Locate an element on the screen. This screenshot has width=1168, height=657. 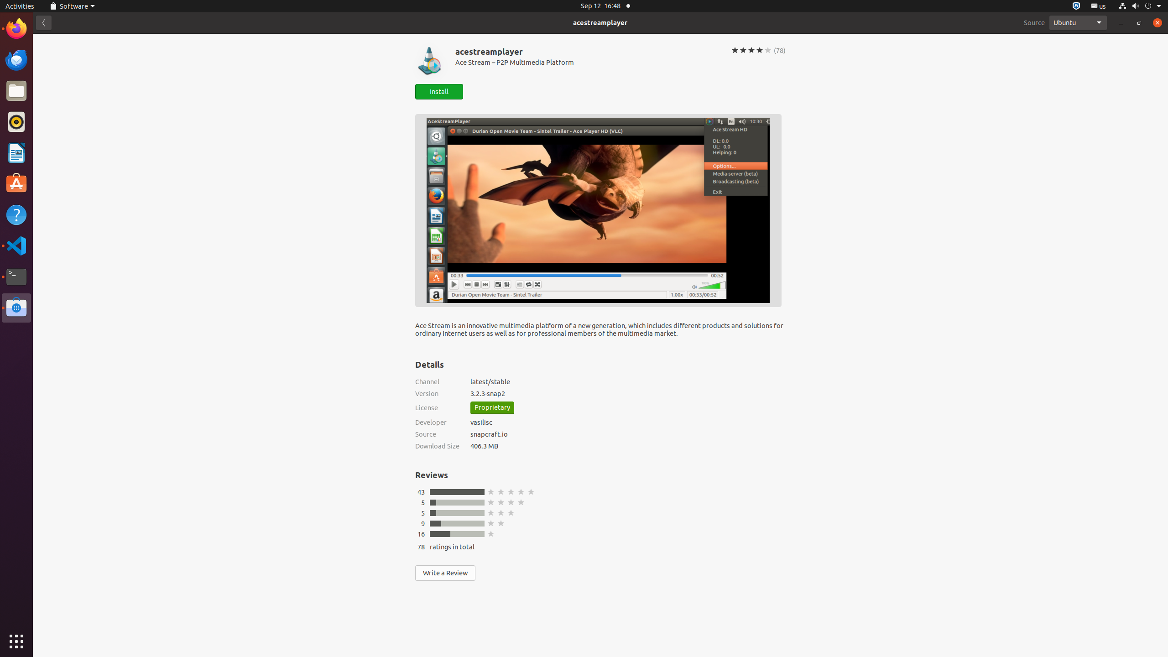
'Channel' is located at coordinates (437, 381).